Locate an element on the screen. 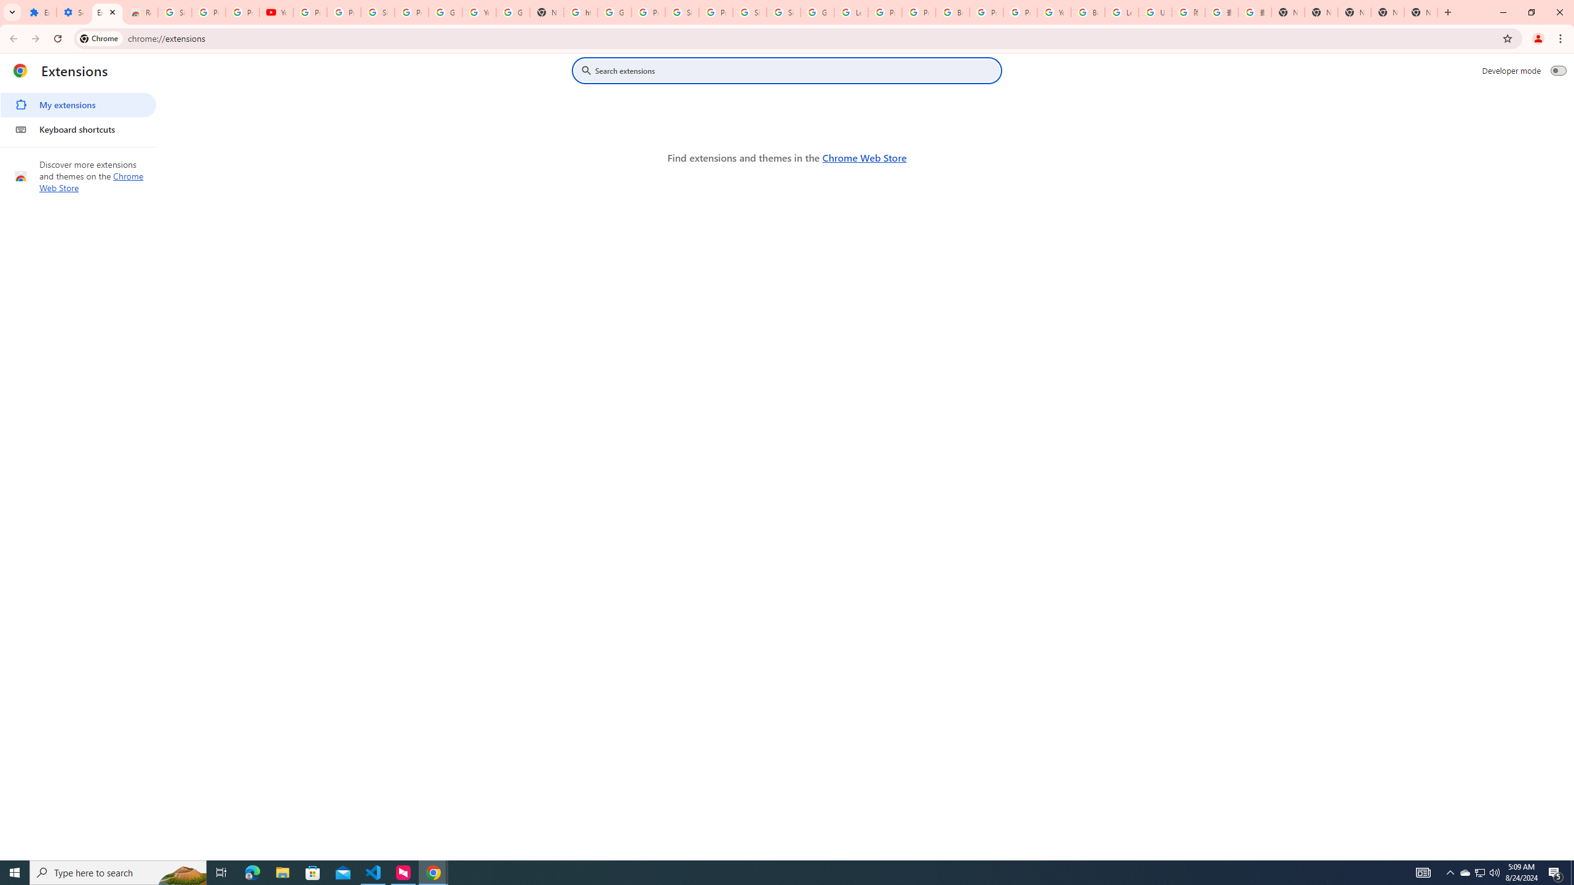  'Developer mode' is located at coordinates (1559, 70).